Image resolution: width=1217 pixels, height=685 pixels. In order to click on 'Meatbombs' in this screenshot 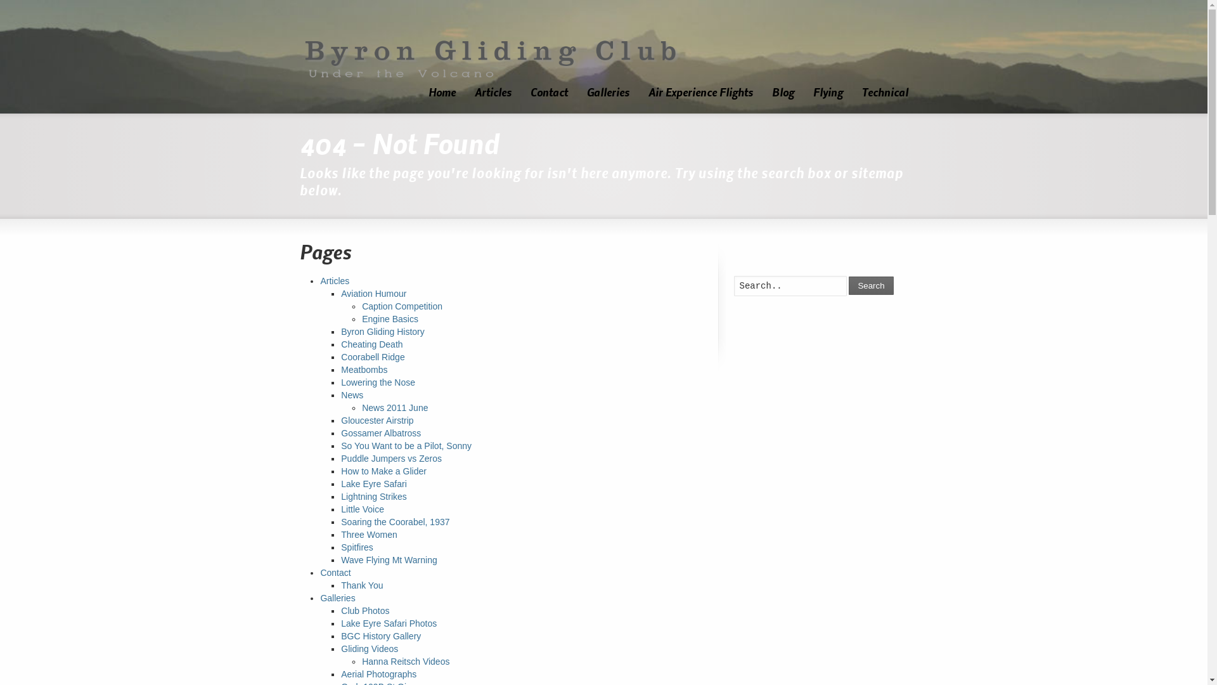, I will do `click(363, 369)`.